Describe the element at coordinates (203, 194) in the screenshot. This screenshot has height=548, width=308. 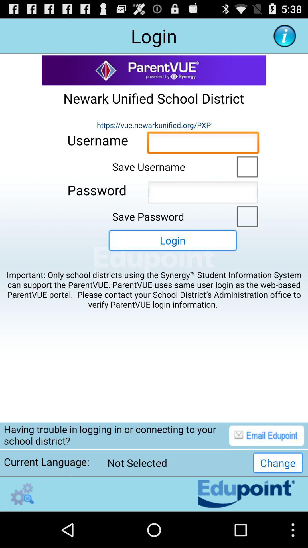
I see `password box` at that location.